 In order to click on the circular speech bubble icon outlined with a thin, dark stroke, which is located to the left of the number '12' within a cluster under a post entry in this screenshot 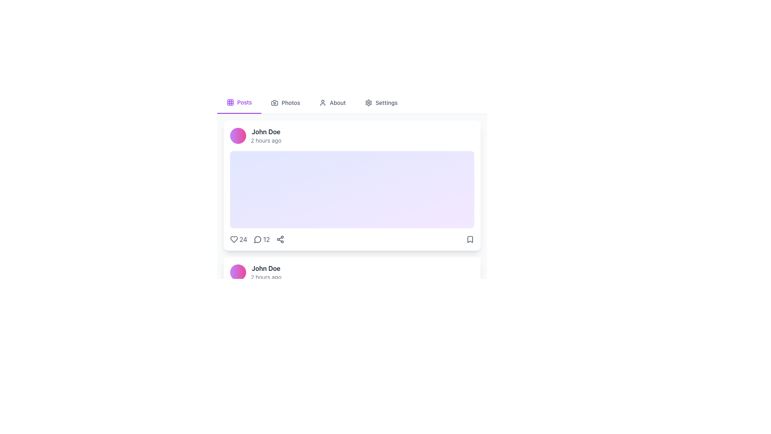, I will do `click(257, 239)`.